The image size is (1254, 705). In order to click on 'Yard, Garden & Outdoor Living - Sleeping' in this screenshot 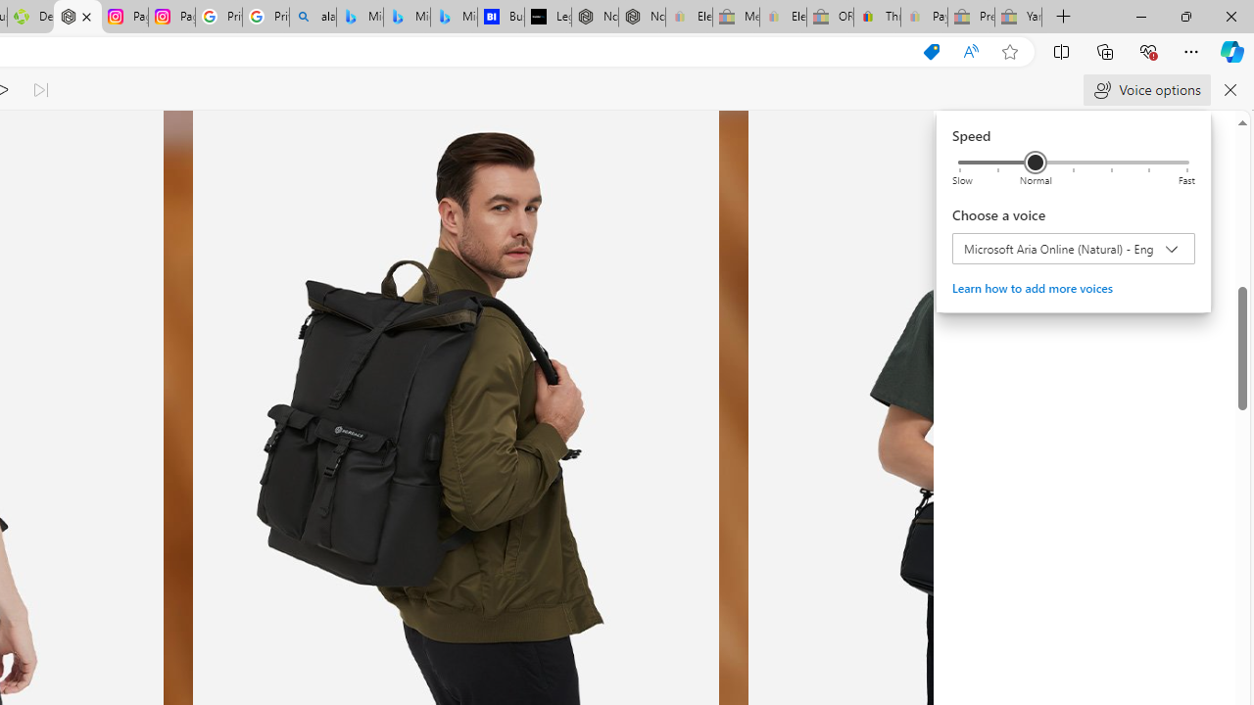, I will do `click(1019, 17)`.